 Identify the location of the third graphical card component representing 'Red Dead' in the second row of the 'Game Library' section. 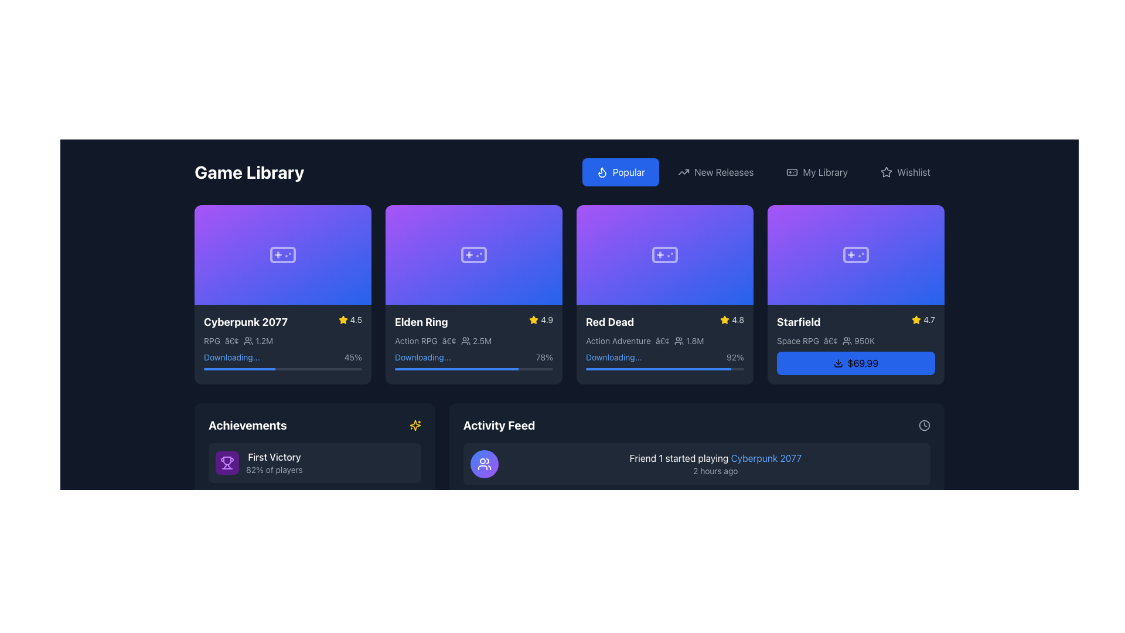
(664, 254).